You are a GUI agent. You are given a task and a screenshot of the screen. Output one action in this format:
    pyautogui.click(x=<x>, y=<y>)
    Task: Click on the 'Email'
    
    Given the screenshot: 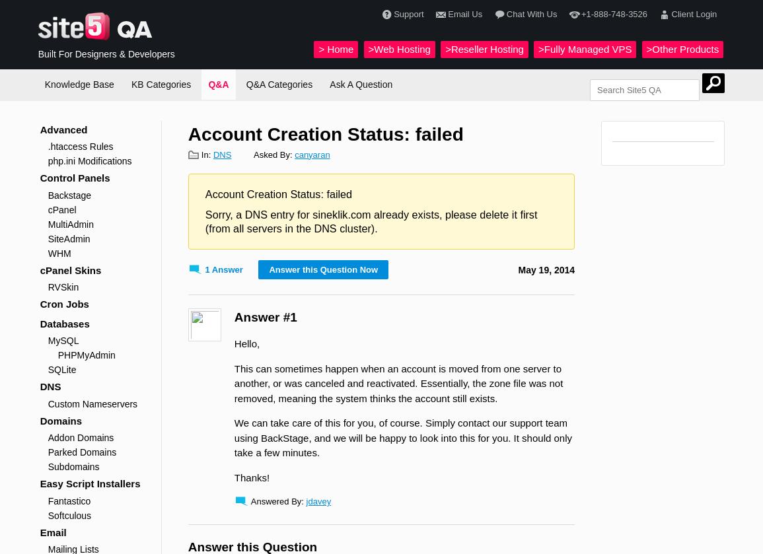 What is the action you would take?
    pyautogui.click(x=38, y=531)
    